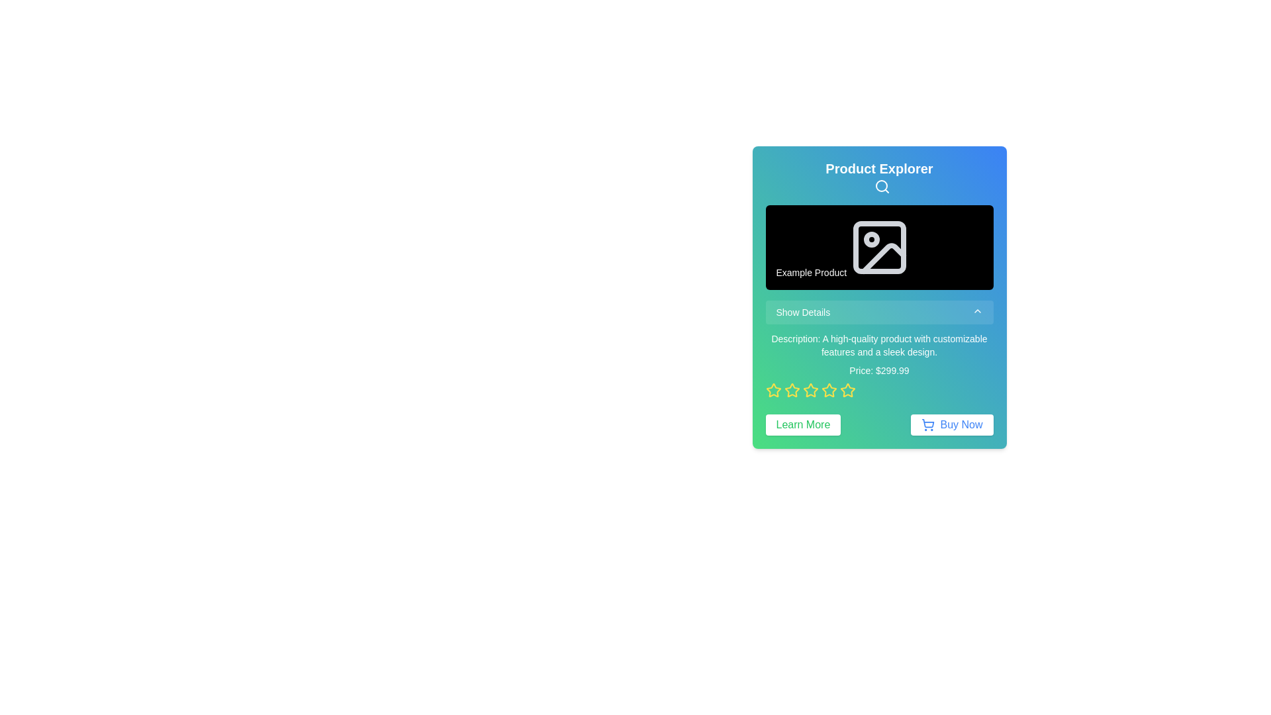 This screenshot has height=715, width=1271. I want to click on the sixth star icon in the horizontal sequence of eight rating stars, located below the product description and price in the card layout, so click(847, 389).